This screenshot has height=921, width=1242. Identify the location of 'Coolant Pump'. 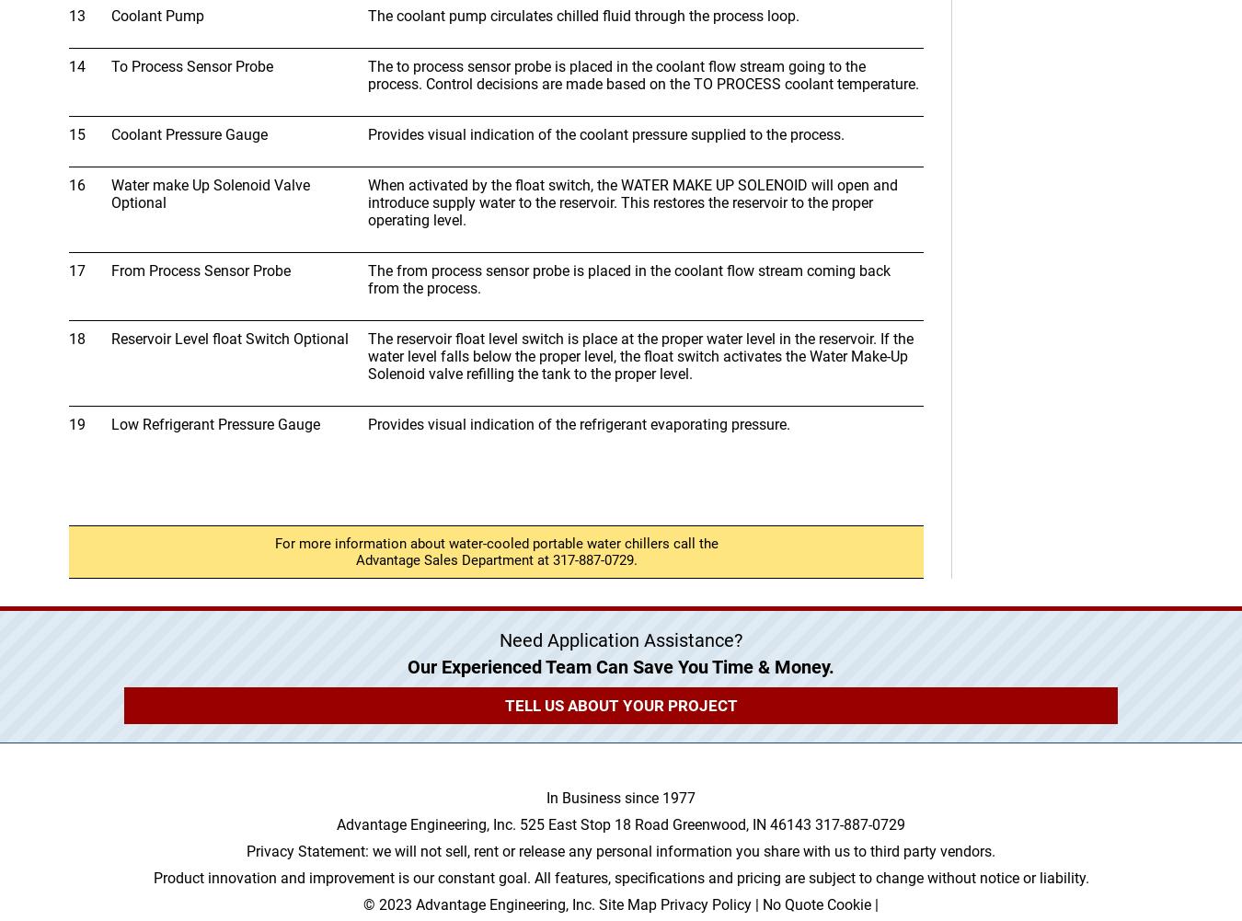
(157, 16).